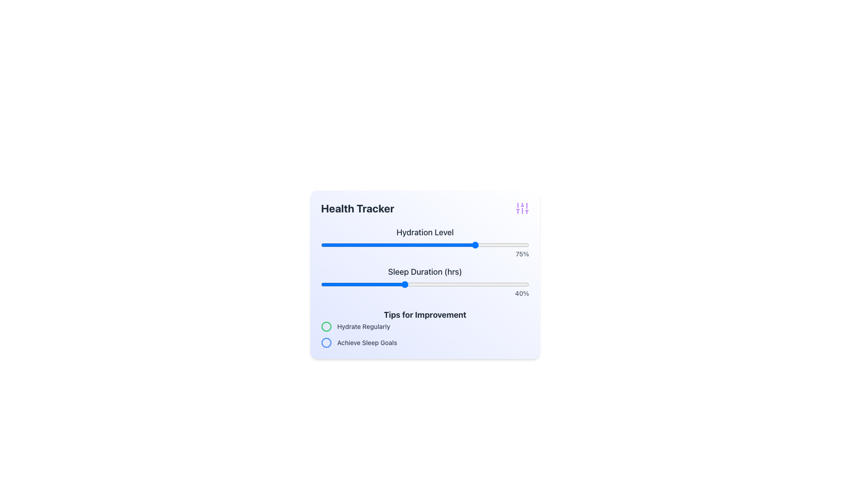  What do you see at coordinates (396, 245) in the screenshot?
I see `the hydration level` at bounding box center [396, 245].